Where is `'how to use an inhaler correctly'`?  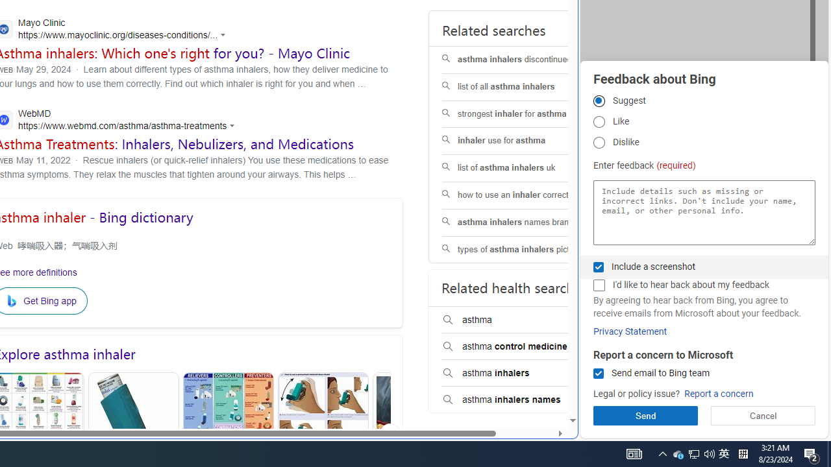
'how to use an inhaler correctly' is located at coordinates (524, 195).